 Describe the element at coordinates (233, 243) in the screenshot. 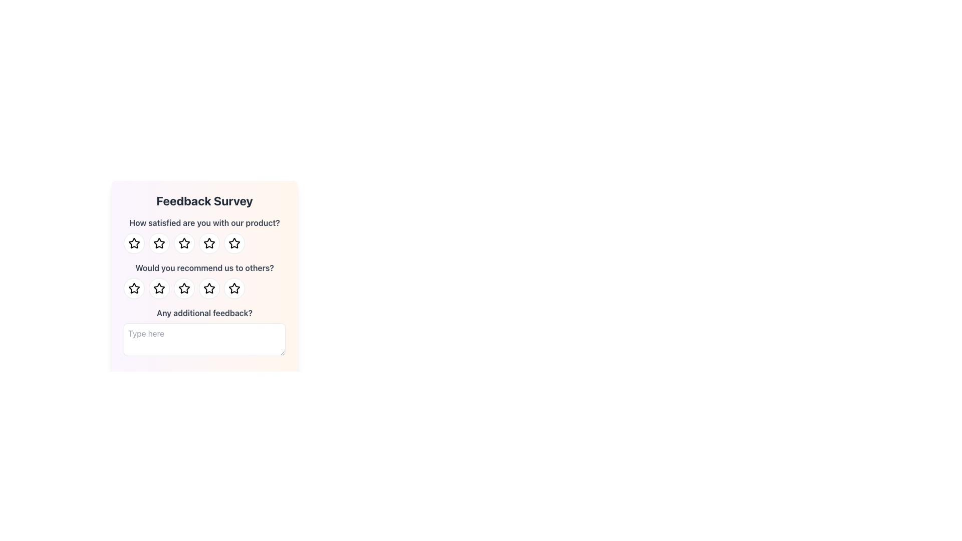

I see `the fifth button in the horizontal row of five buttons below the question 'How satisfied are you with our product?' in the Feedback Survey form for keyboard interaction` at that location.